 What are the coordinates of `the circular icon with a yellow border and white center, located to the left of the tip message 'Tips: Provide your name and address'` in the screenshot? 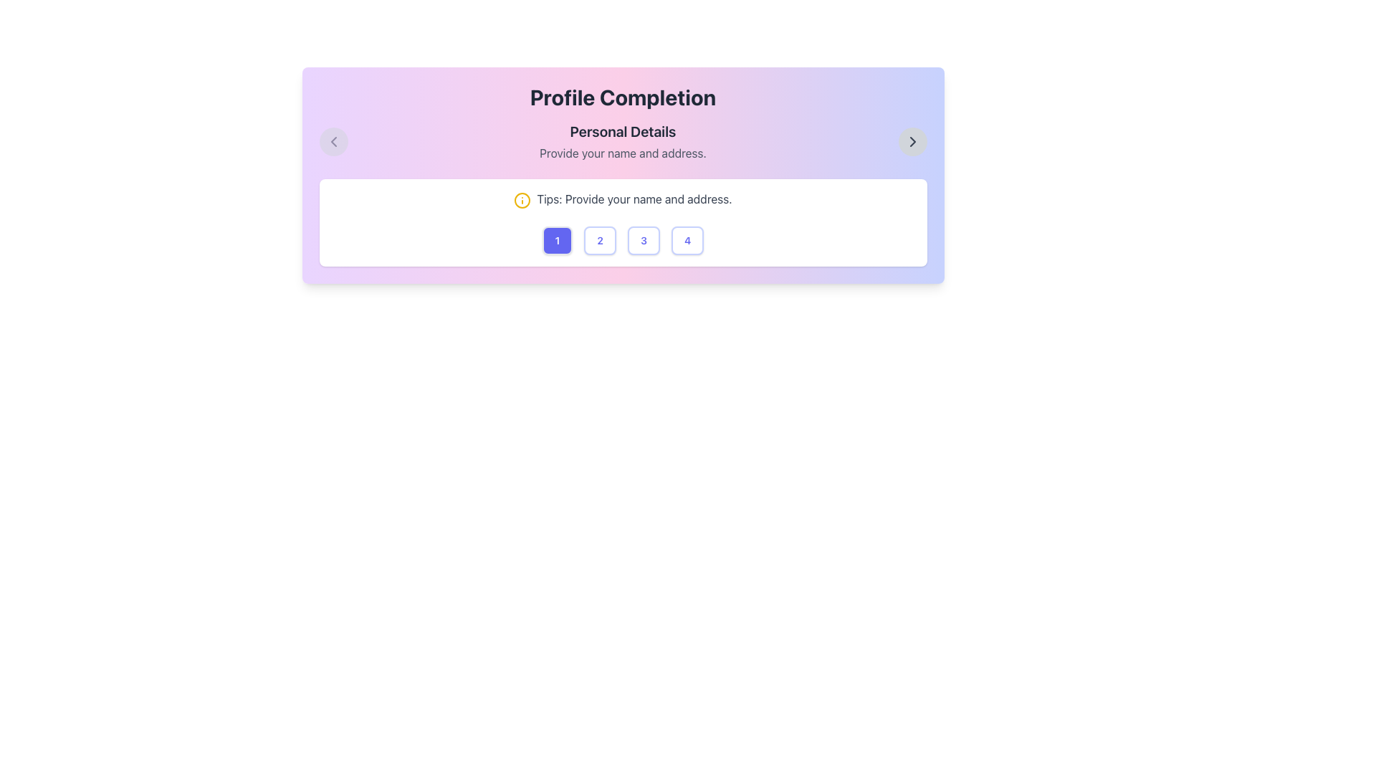 It's located at (522, 200).